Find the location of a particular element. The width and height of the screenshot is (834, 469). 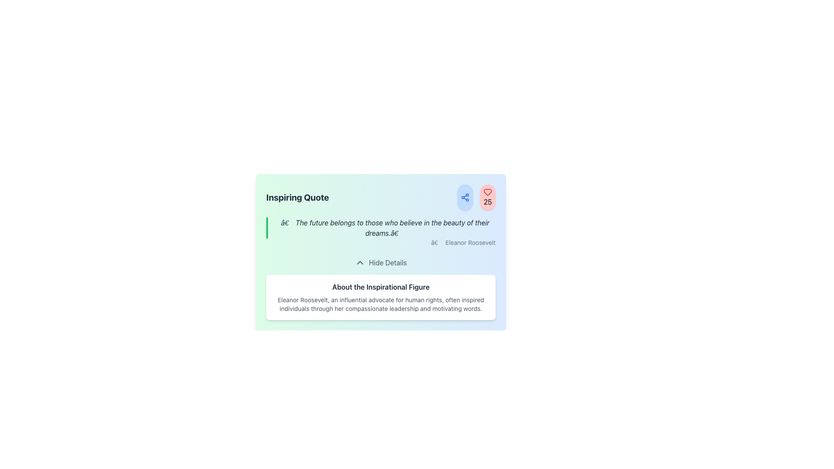

the 'Hide Details' button located below the text '— Eleanor Roosevelt' is located at coordinates (381, 262).